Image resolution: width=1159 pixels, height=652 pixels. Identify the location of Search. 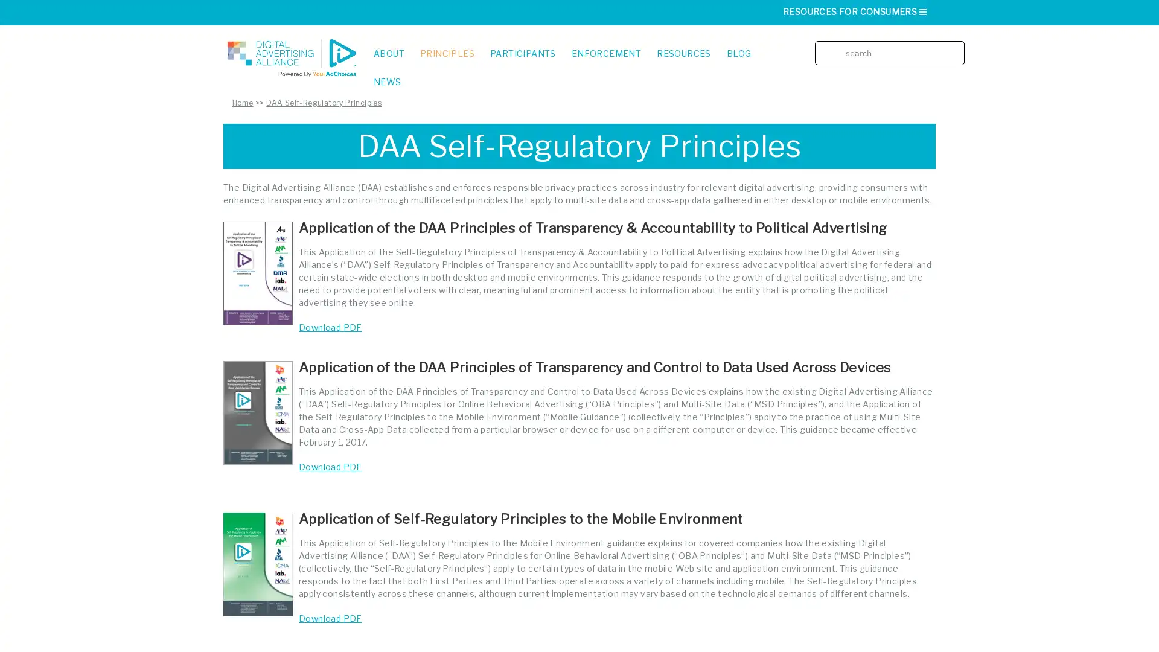
(959, 43).